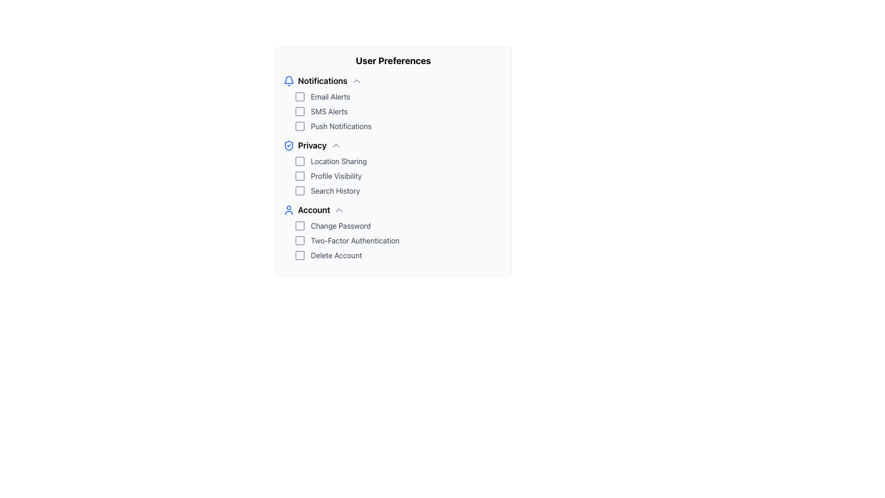  Describe the element at coordinates (300, 240) in the screenshot. I see `the checkbox located to the left of the text 'Two-Factor Authentication' in the 'Account' section of 'User Preferences' settings` at that location.